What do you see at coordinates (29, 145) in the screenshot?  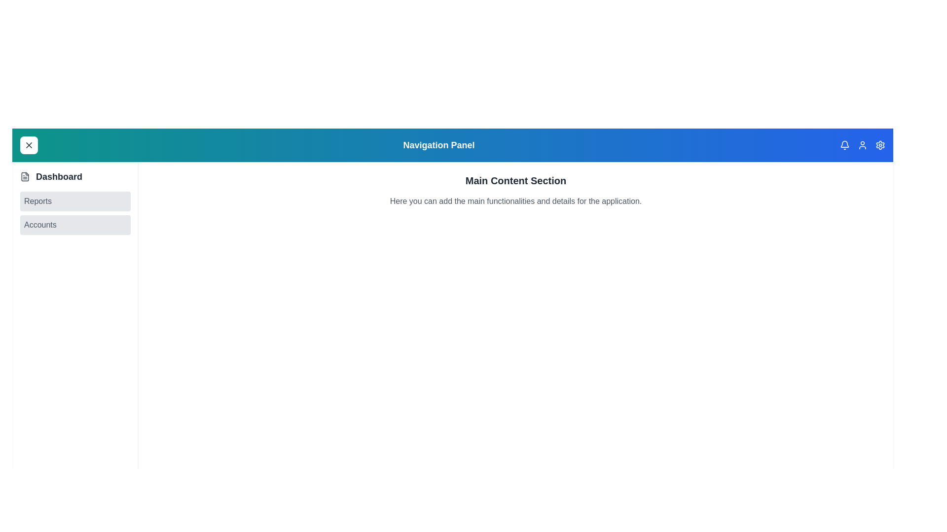 I see `the close or cancel icon located in the top-left corner of the navigation panel` at bounding box center [29, 145].